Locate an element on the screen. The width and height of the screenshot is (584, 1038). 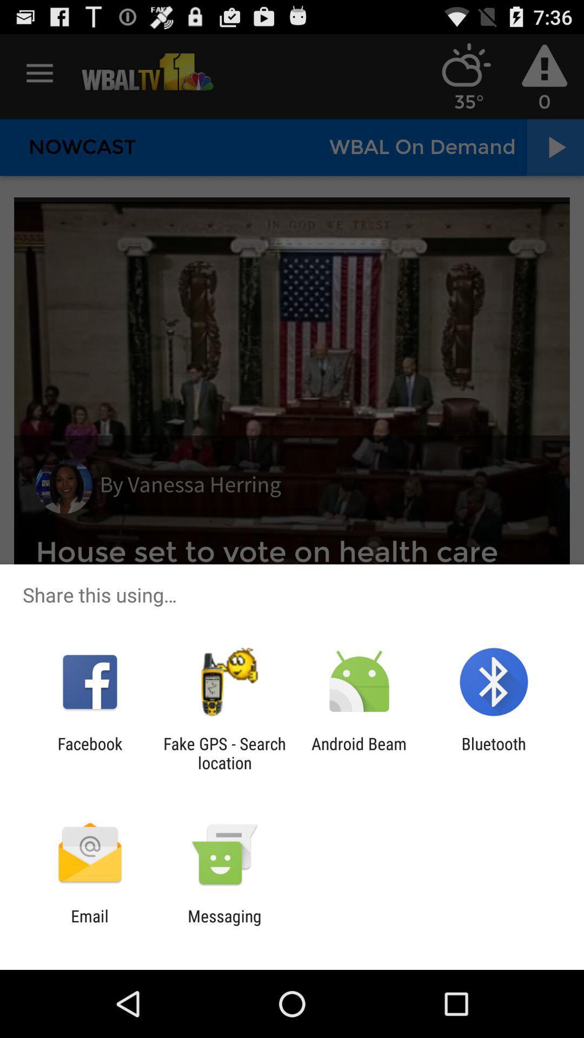
the bluetooth is located at coordinates (494, 753).